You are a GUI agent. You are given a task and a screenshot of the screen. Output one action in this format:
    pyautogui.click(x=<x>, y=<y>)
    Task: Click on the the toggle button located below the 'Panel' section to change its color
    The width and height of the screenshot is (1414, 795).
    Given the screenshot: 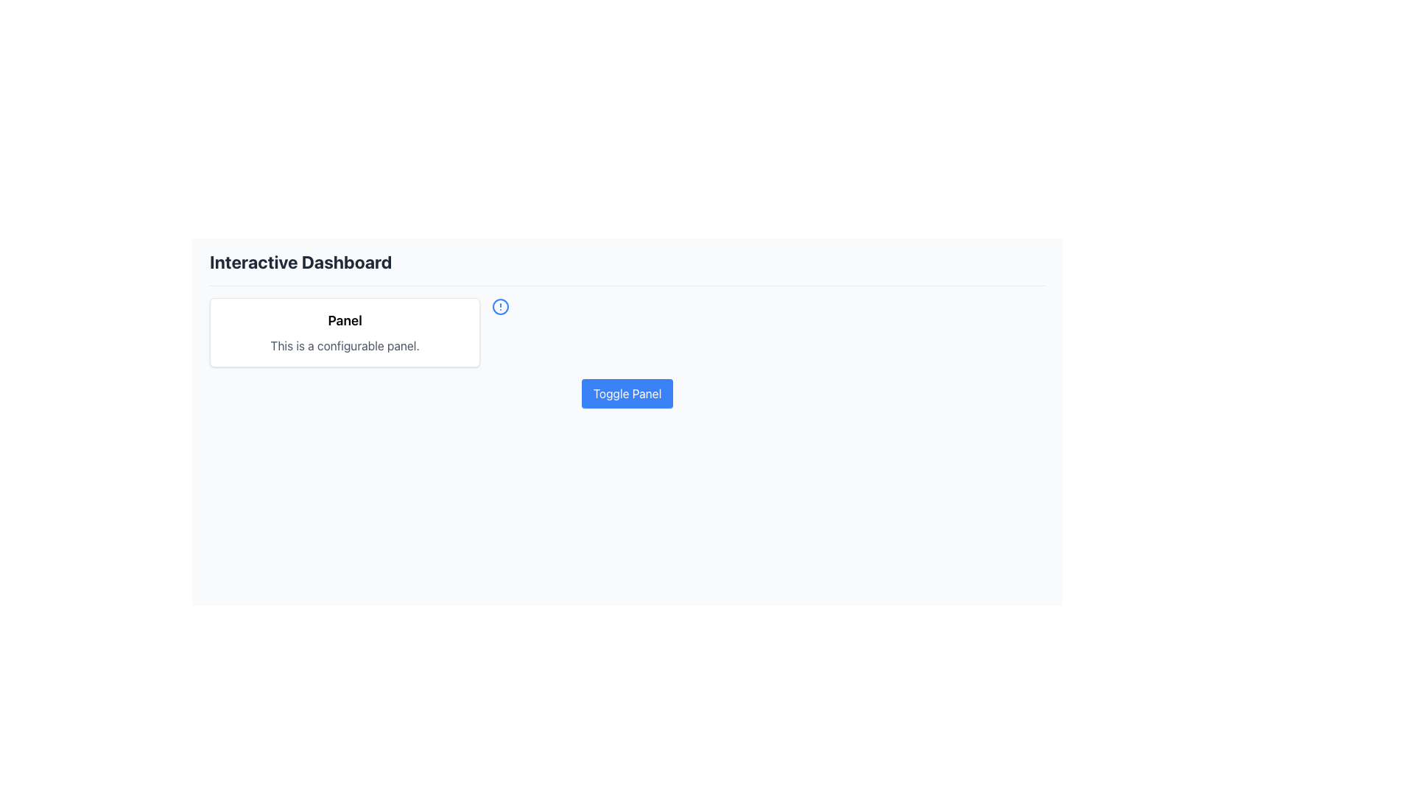 What is the action you would take?
    pyautogui.click(x=627, y=393)
    